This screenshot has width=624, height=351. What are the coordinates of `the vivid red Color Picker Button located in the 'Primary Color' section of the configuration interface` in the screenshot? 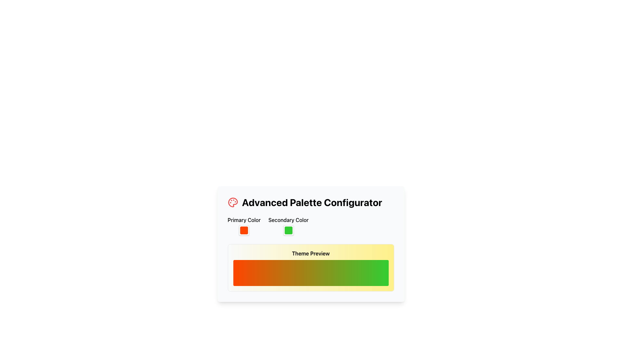 It's located at (244, 230).